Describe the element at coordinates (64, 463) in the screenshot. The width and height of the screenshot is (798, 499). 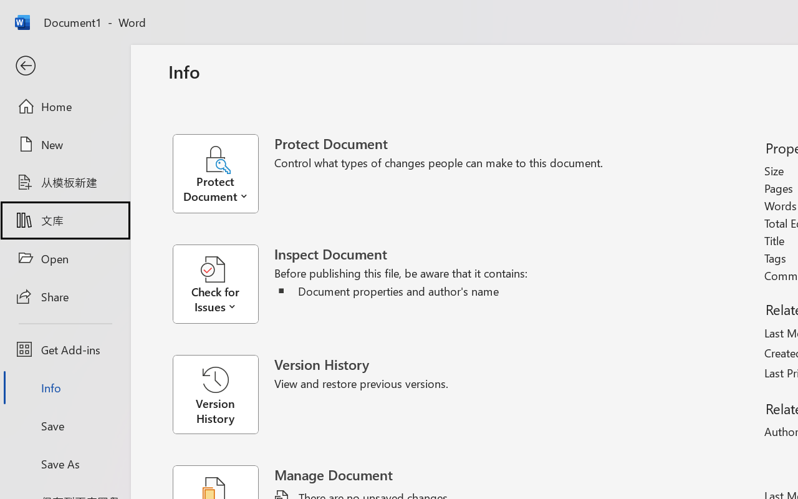
I see `'Save As'` at that location.